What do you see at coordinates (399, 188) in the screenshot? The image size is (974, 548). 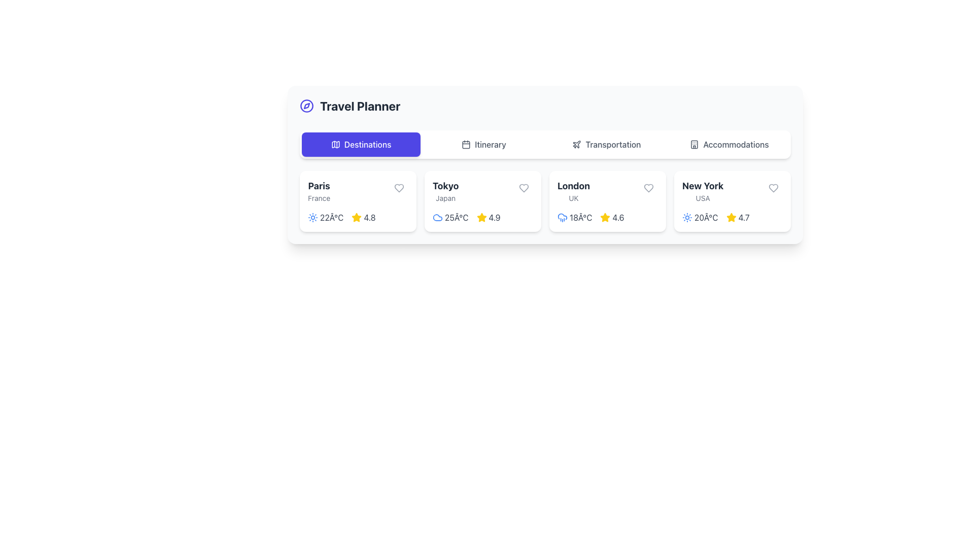 I see `the button located in the top-right corner of the 'Paris, France' card to favorite or unfavorite the destination` at bounding box center [399, 188].